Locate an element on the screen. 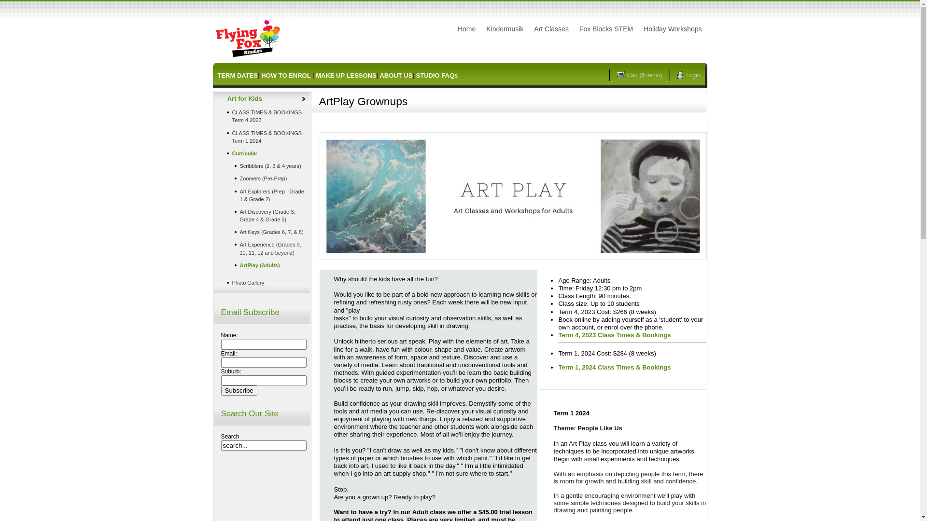 Image resolution: width=927 pixels, height=521 pixels. 'Art for Kids' is located at coordinates (262, 98).